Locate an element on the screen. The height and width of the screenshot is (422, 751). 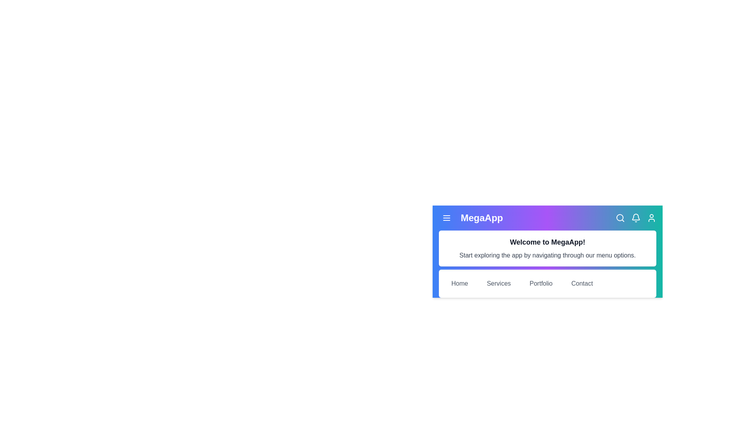
the navigation link Portfolio is located at coordinates (540, 283).